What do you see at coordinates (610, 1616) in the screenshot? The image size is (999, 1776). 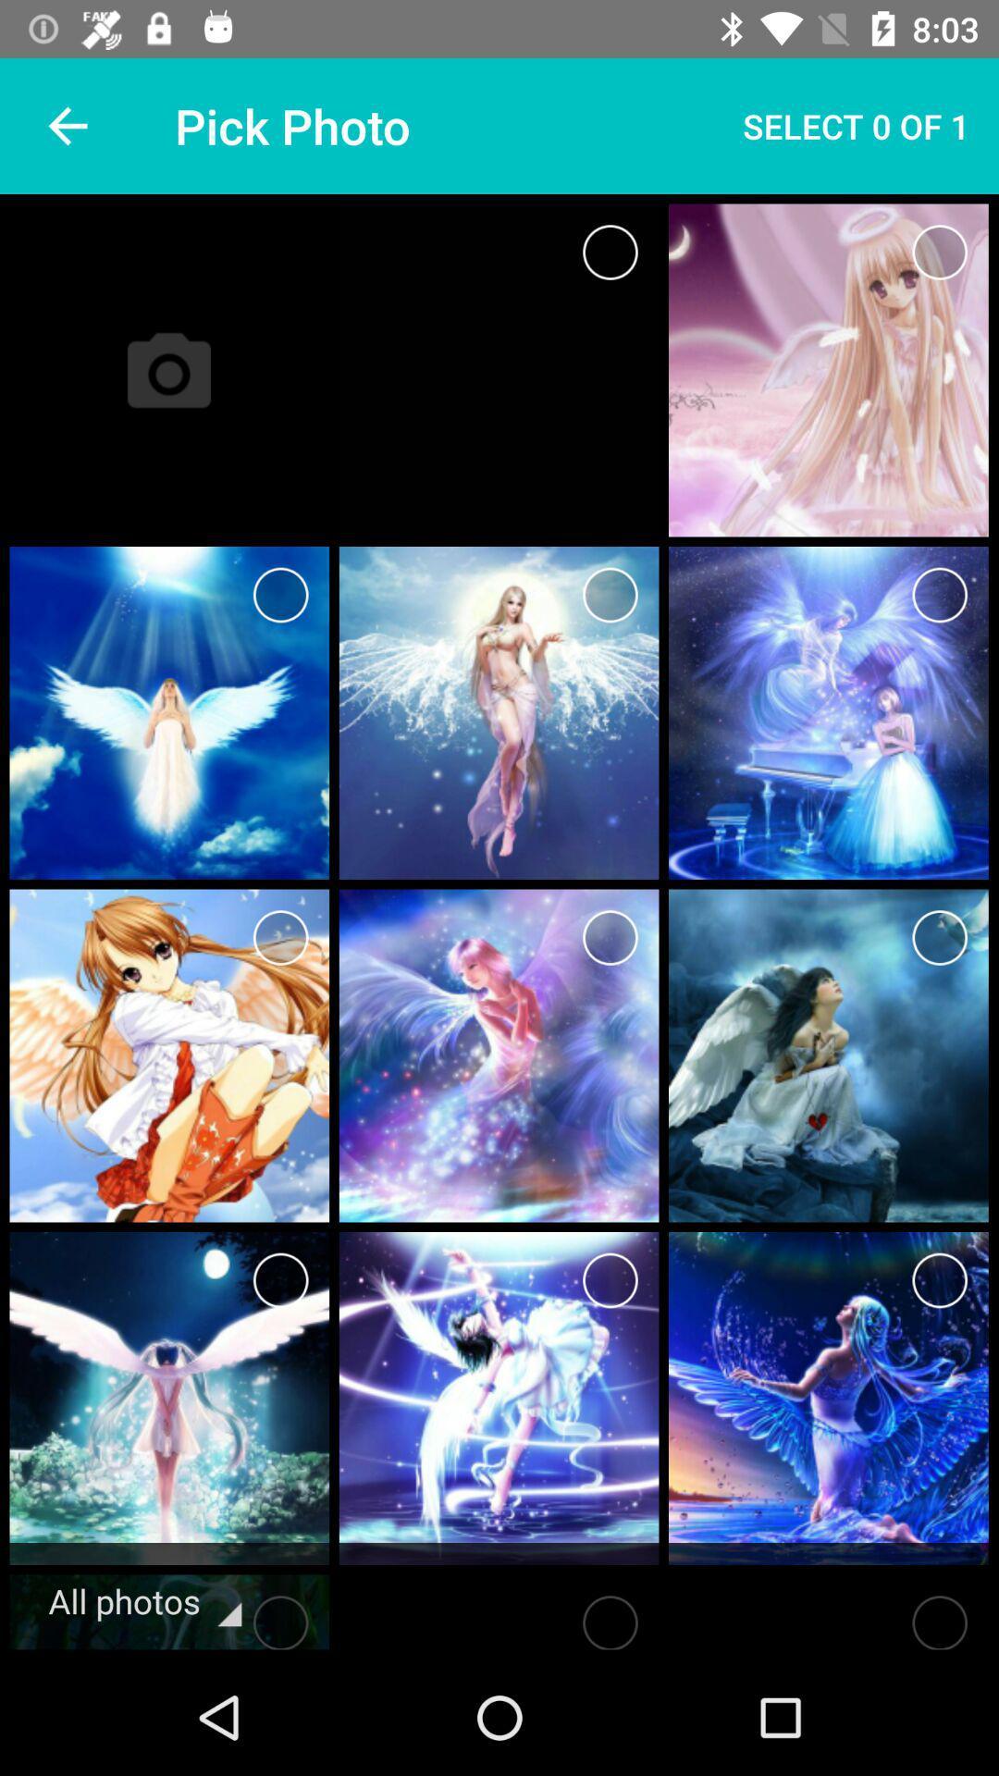 I see `object` at bounding box center [610, 1616].